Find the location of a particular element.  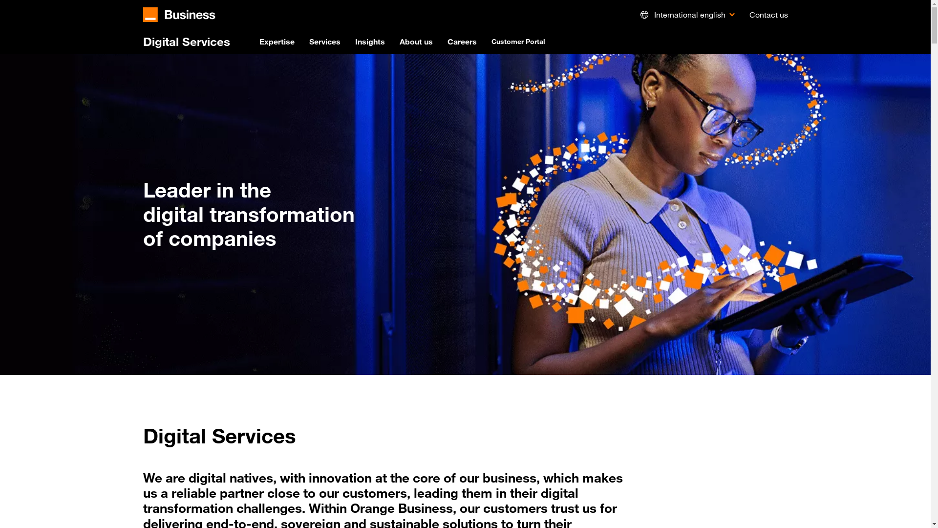

'Careers' is located at coordinates (447, 41).